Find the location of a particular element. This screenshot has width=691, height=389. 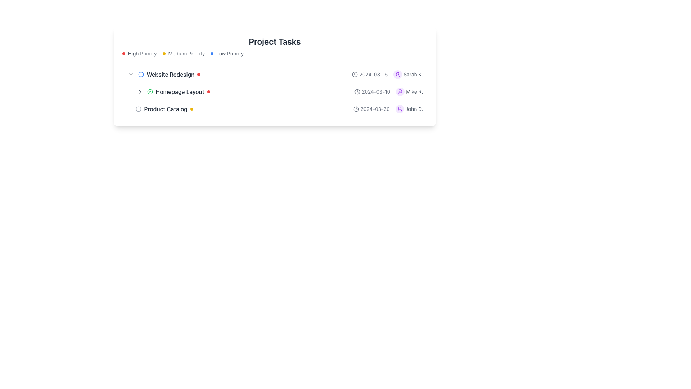

the SVG Circle Element that is part of the clock icon beside the date '2024-03-15' in the task list interface is located at coordinates (355, 75).